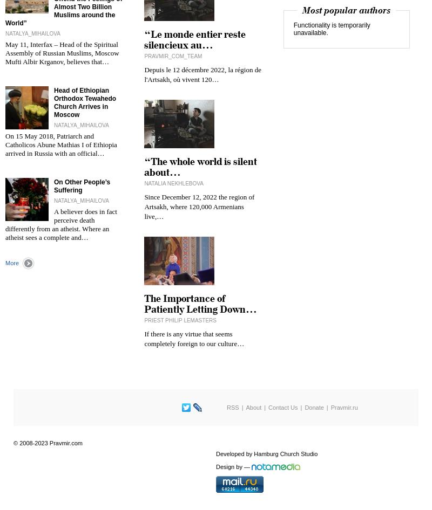 This screenshot has width=432, height=510. I want to click on 'Since December 12, 2022 the region of Artsakh, where 120,000 Armenians live,…', so click(198, 206).